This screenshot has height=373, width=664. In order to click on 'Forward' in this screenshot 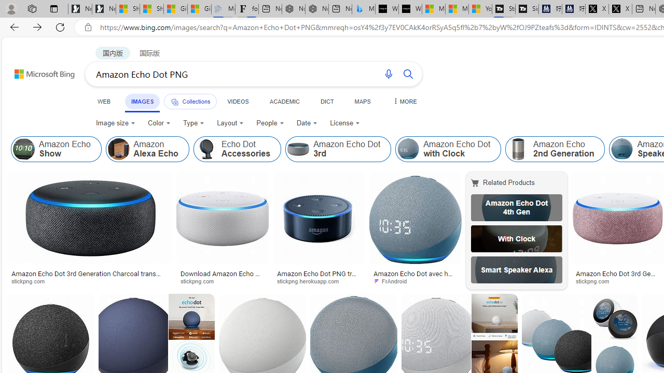, I will do `click(37, 26)`.